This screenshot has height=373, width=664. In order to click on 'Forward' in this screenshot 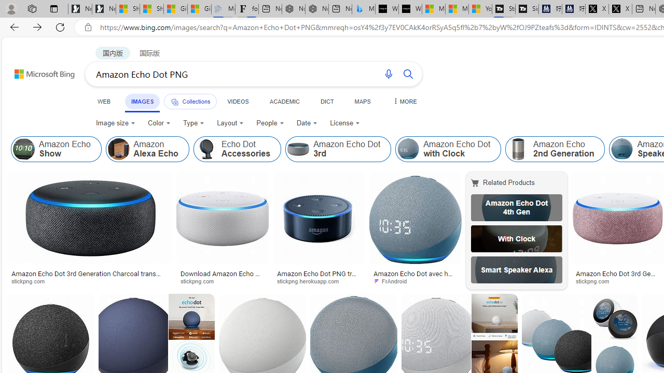, I will do `click(37, 26)`.